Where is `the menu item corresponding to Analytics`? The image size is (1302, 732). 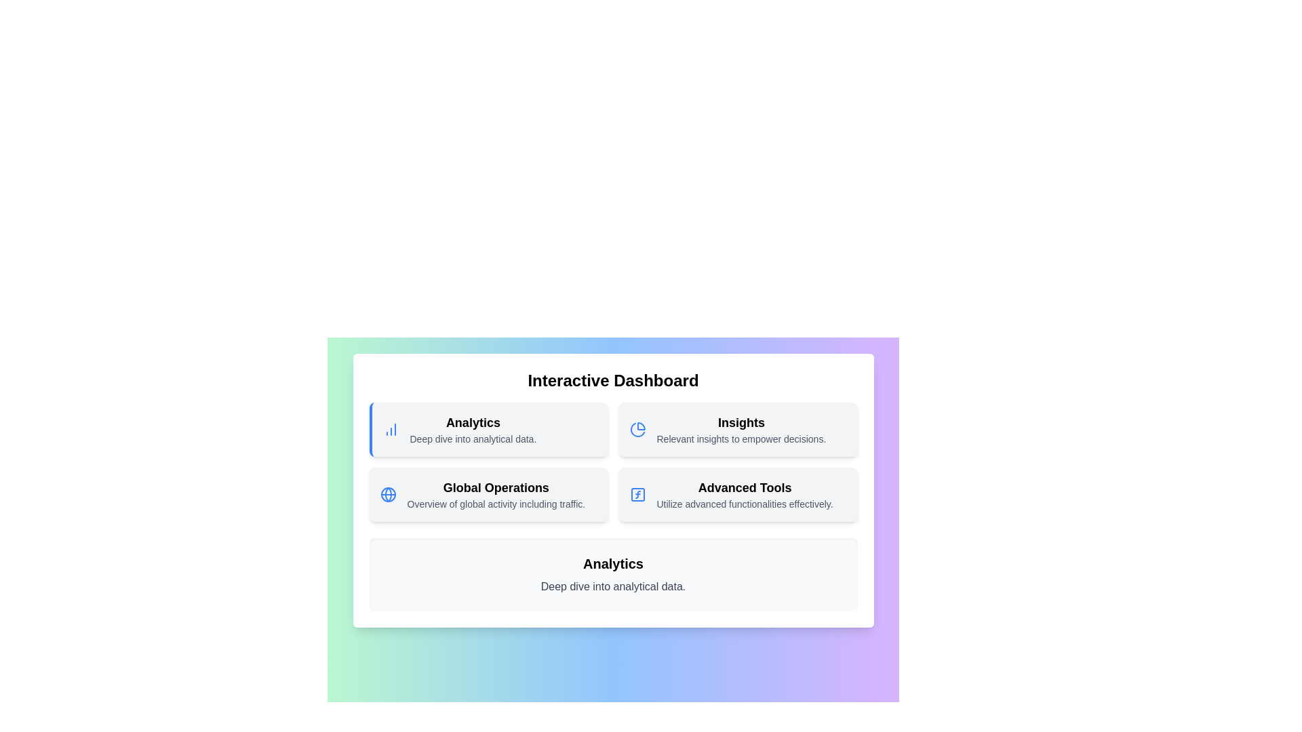 the menu item corresponding to Analytics is located at coordinates (488, 429).